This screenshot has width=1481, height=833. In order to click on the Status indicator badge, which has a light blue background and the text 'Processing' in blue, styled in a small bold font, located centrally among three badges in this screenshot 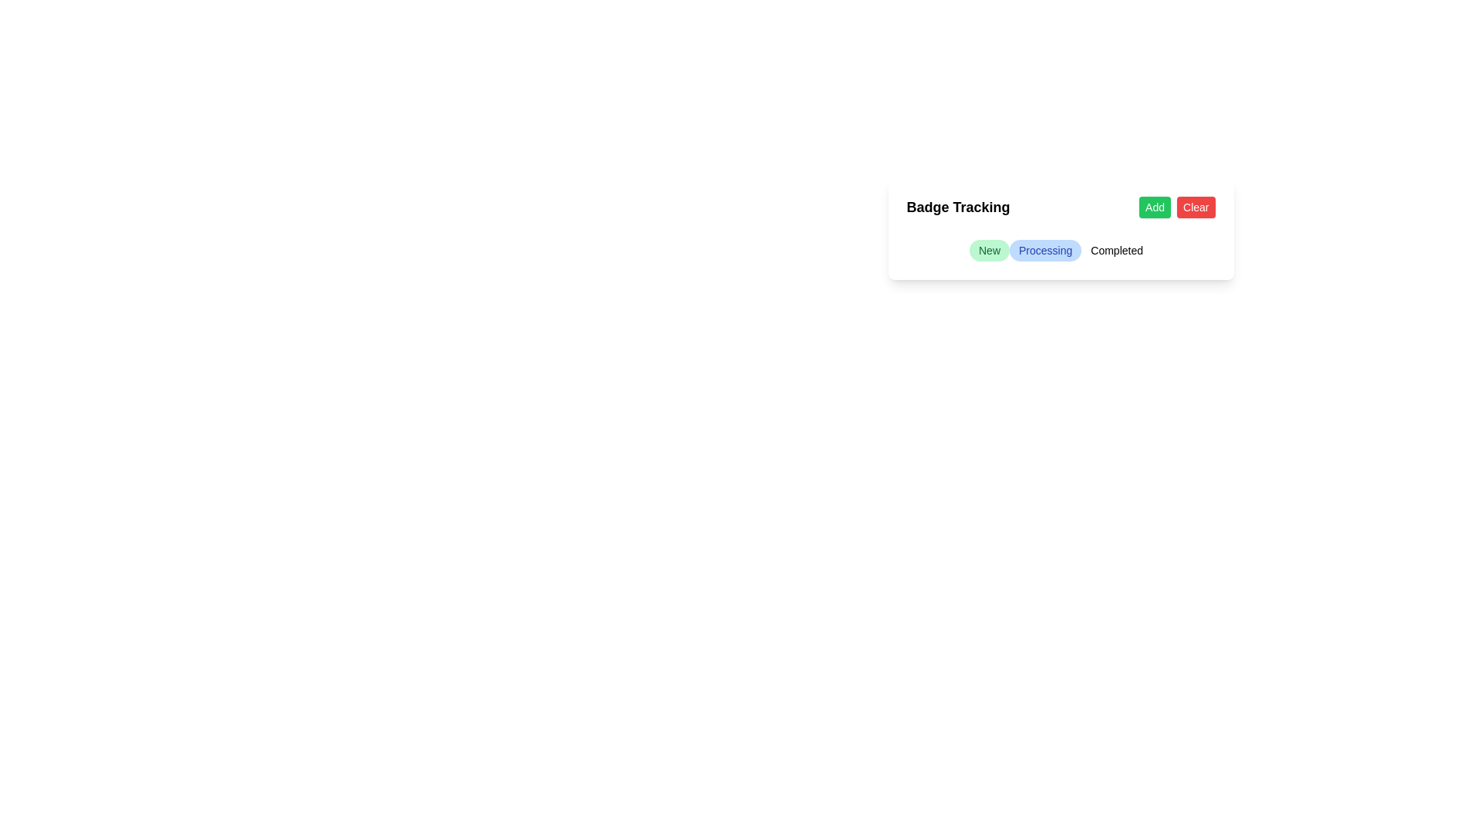, I will do `click(1045, 249)`.